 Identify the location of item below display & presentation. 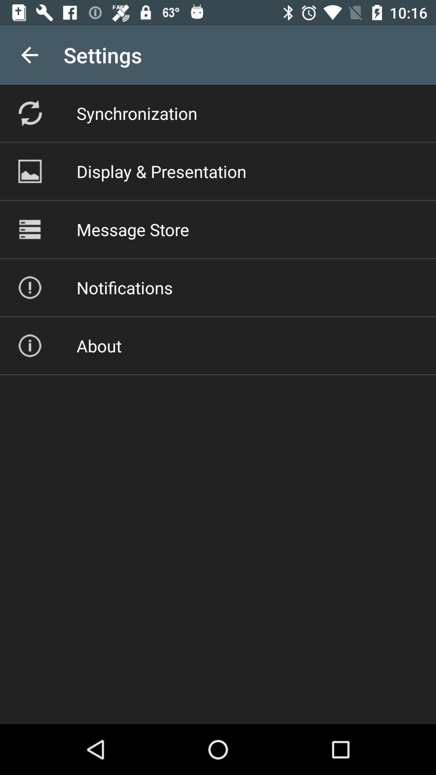
(132, 229).